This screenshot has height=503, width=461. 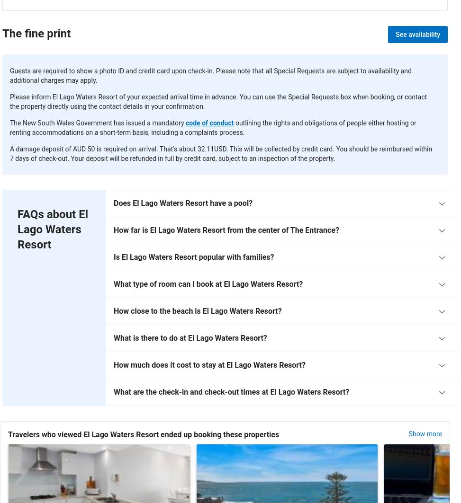 What do you see at coordinates (8, 434) in the screenshot?
I see `'Travelers who viewed El Lago Waters Resort ended up booking these properties'` at bounding box center [8, 434].